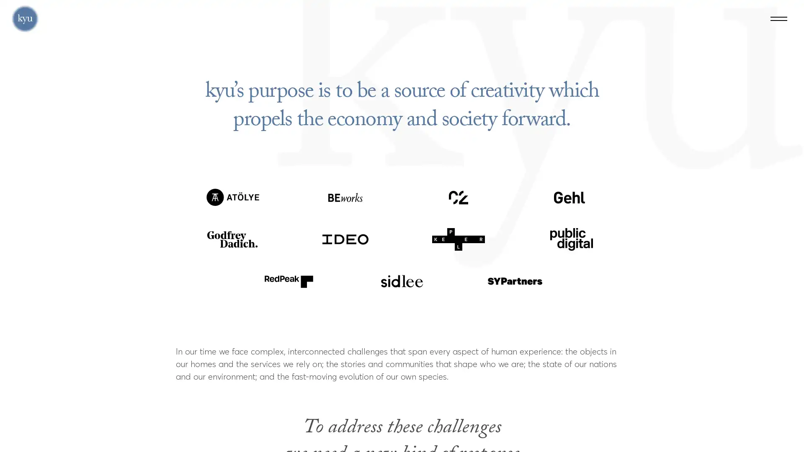 This screenshot has width=804, height=452. Describe the element at coordinates (778, 19) in the screenshot. I see `Menu` at that location.